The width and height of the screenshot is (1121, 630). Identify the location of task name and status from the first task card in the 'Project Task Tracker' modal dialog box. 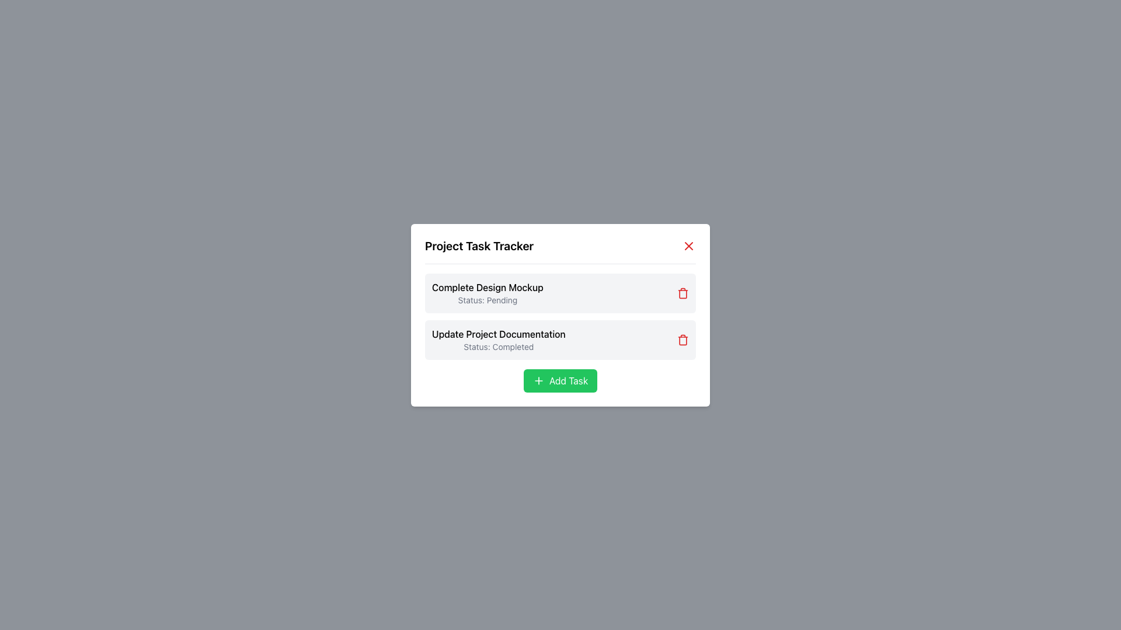
(560, 292).